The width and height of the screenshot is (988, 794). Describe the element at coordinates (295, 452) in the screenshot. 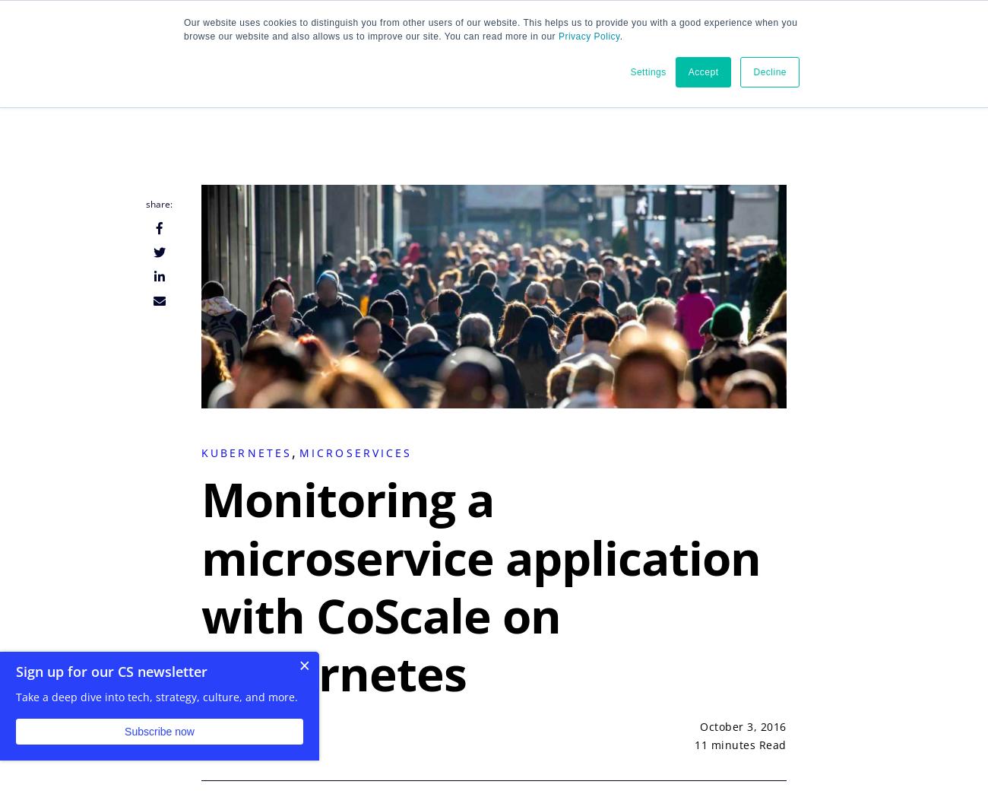

I see `','` at that location.